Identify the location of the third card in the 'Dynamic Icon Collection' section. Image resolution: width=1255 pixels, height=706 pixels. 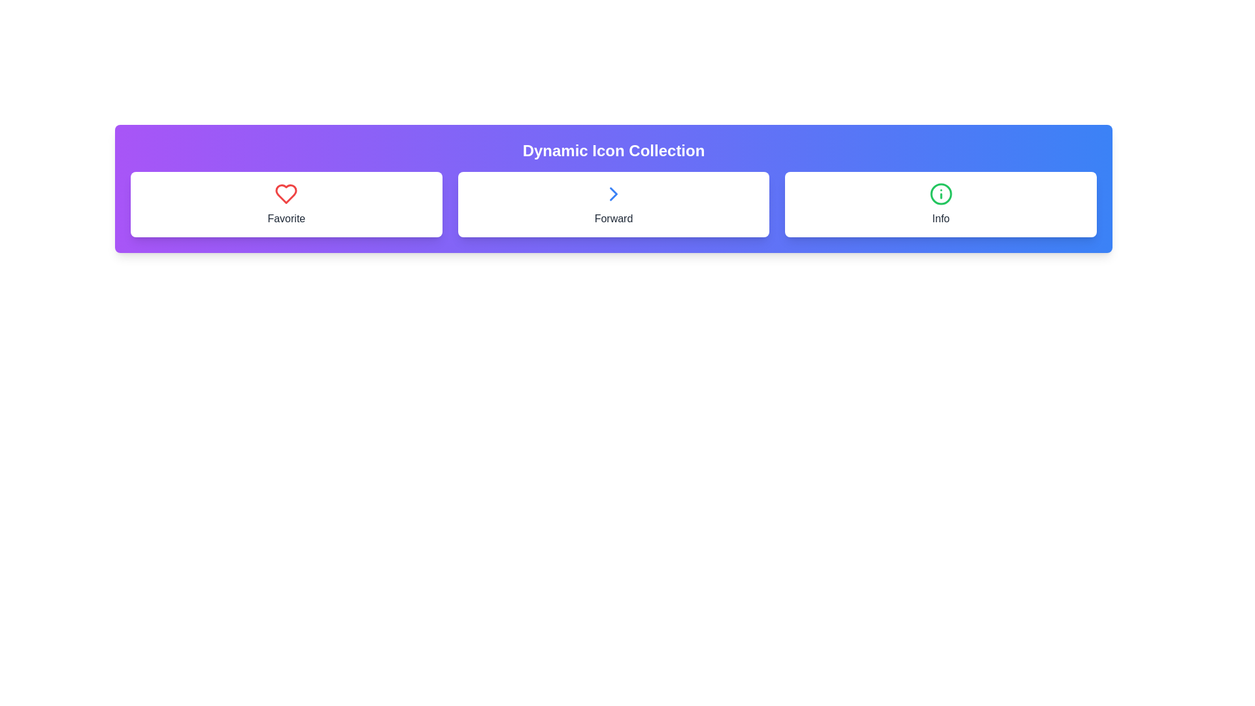
(940, 204).